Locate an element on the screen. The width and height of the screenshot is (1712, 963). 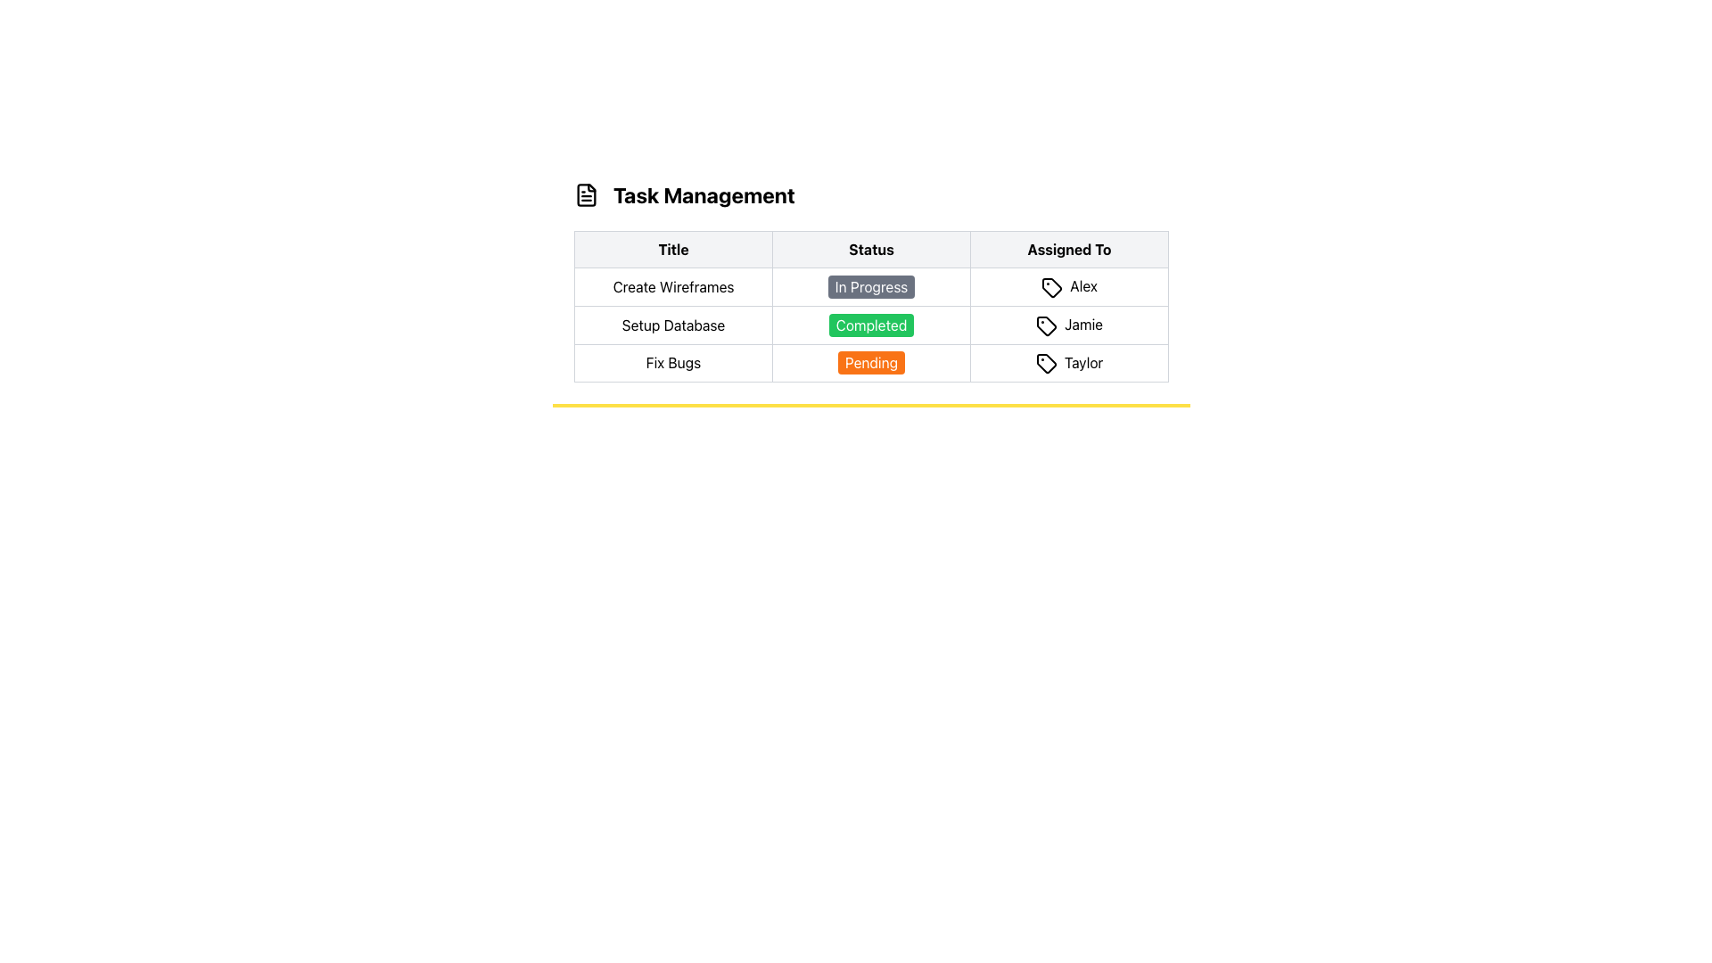
the Icon representing the task label in the 'Assigned To' column next to the name 'Taylor' in the third row of the table is located at coordinates (1046, 363).